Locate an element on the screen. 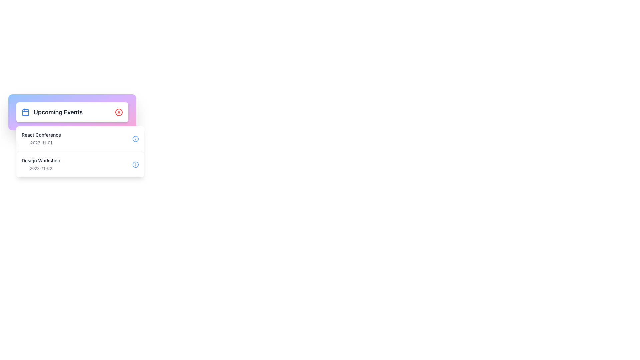 The height and width of the screenshot is (360, 640). text label indicating the scheduled date for the 'Design Workshop' event, positioned directly below the title is located at coordinates (40, 168).